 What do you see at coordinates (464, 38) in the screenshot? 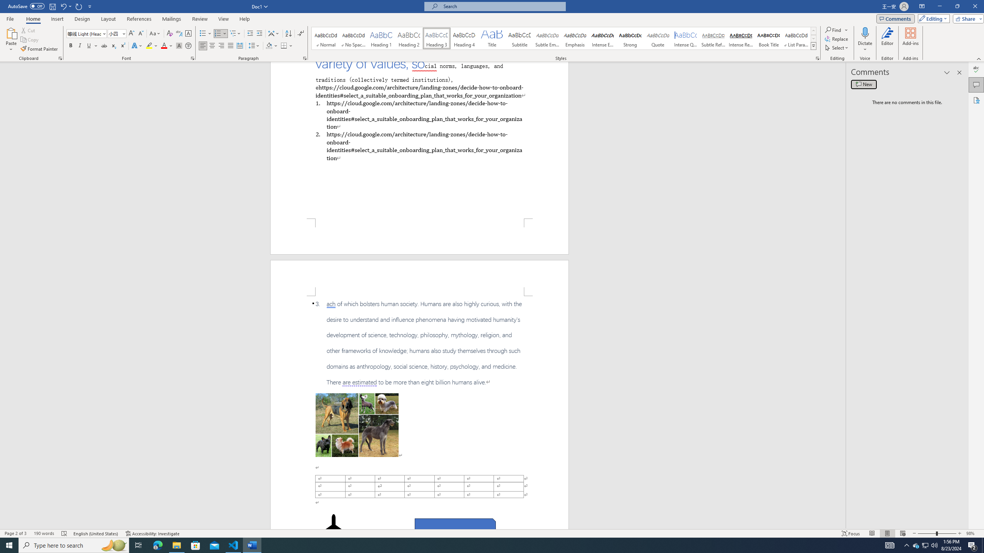
I see `'Heading 4'` at bounding box center [464, 38].